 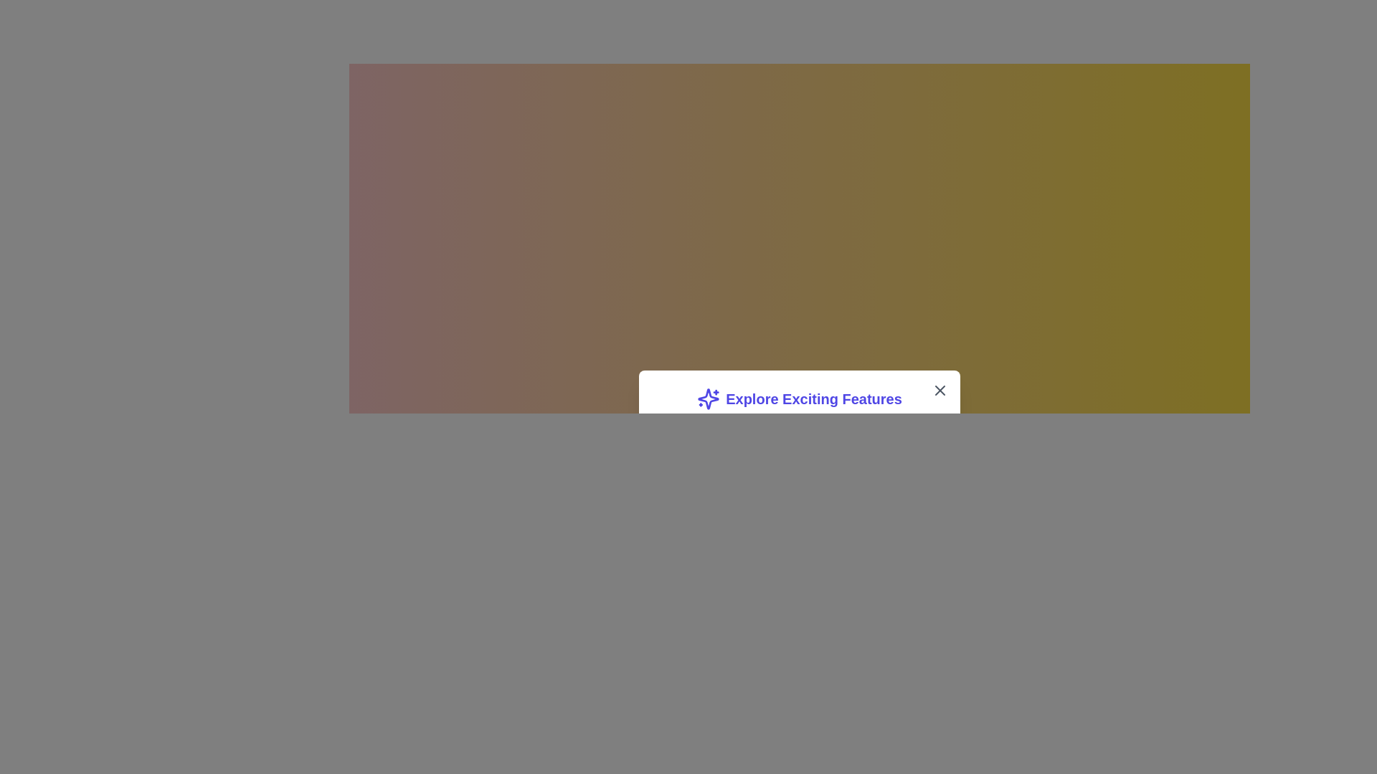 What do you see at coordinates (688, 387) in the screenshot?
I see `the overlay to close the dialog` at bounding box center [688, 387].